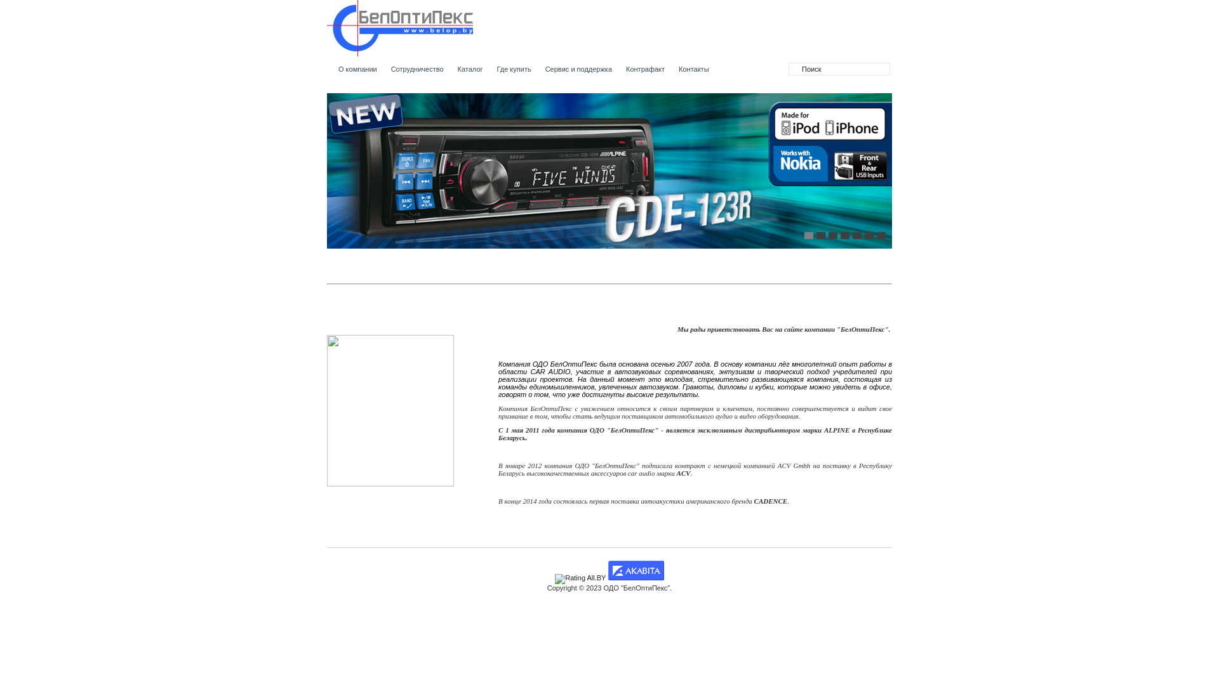 The image size is (1219, 685). I want to click on '1', so click(808, 235).